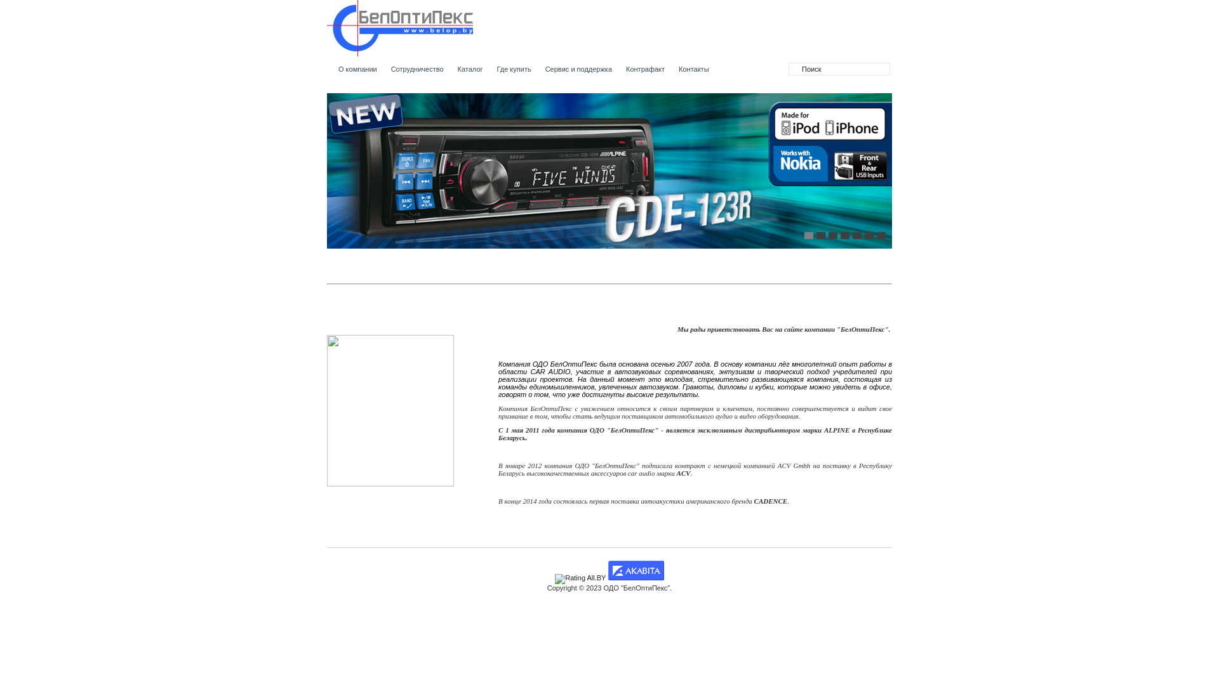 The image size is (1219, 685). I want to click on '1', so click(808, 235).